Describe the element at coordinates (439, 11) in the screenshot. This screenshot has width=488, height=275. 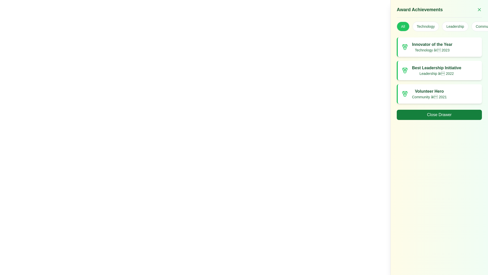
I see `text from the header displaying 'Award Achievements', which is bold and dark green, located at the top of the right-side drawer panel` at that location.